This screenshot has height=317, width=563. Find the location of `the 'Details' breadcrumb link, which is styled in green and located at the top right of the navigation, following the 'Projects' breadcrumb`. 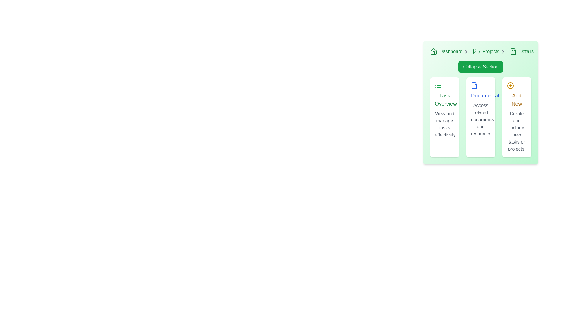

the 'Details' breadcrumb link, which is styled in green and located at the top right of the navigation, following the 'Projects' breadcrumb is located at coordinates (522, 51).